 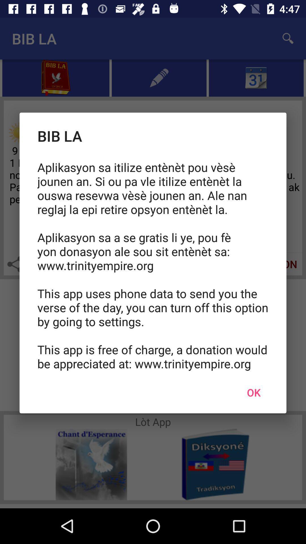 What do you see at coordinates (253, 392) in the screenshot?
I see `the ok icon` at bounding box center [253, 392].